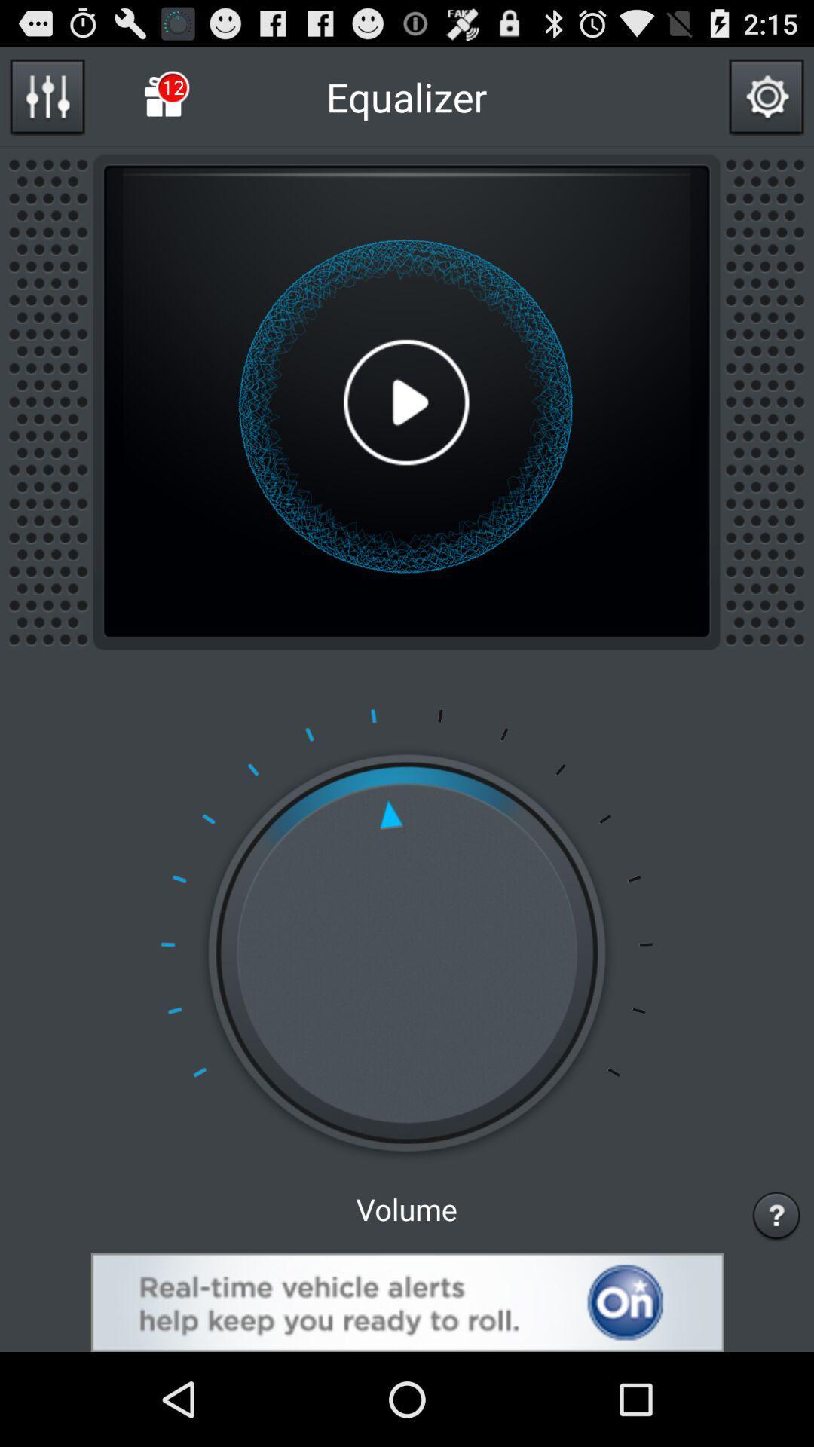  I want to click on help, so click(776, 1215).